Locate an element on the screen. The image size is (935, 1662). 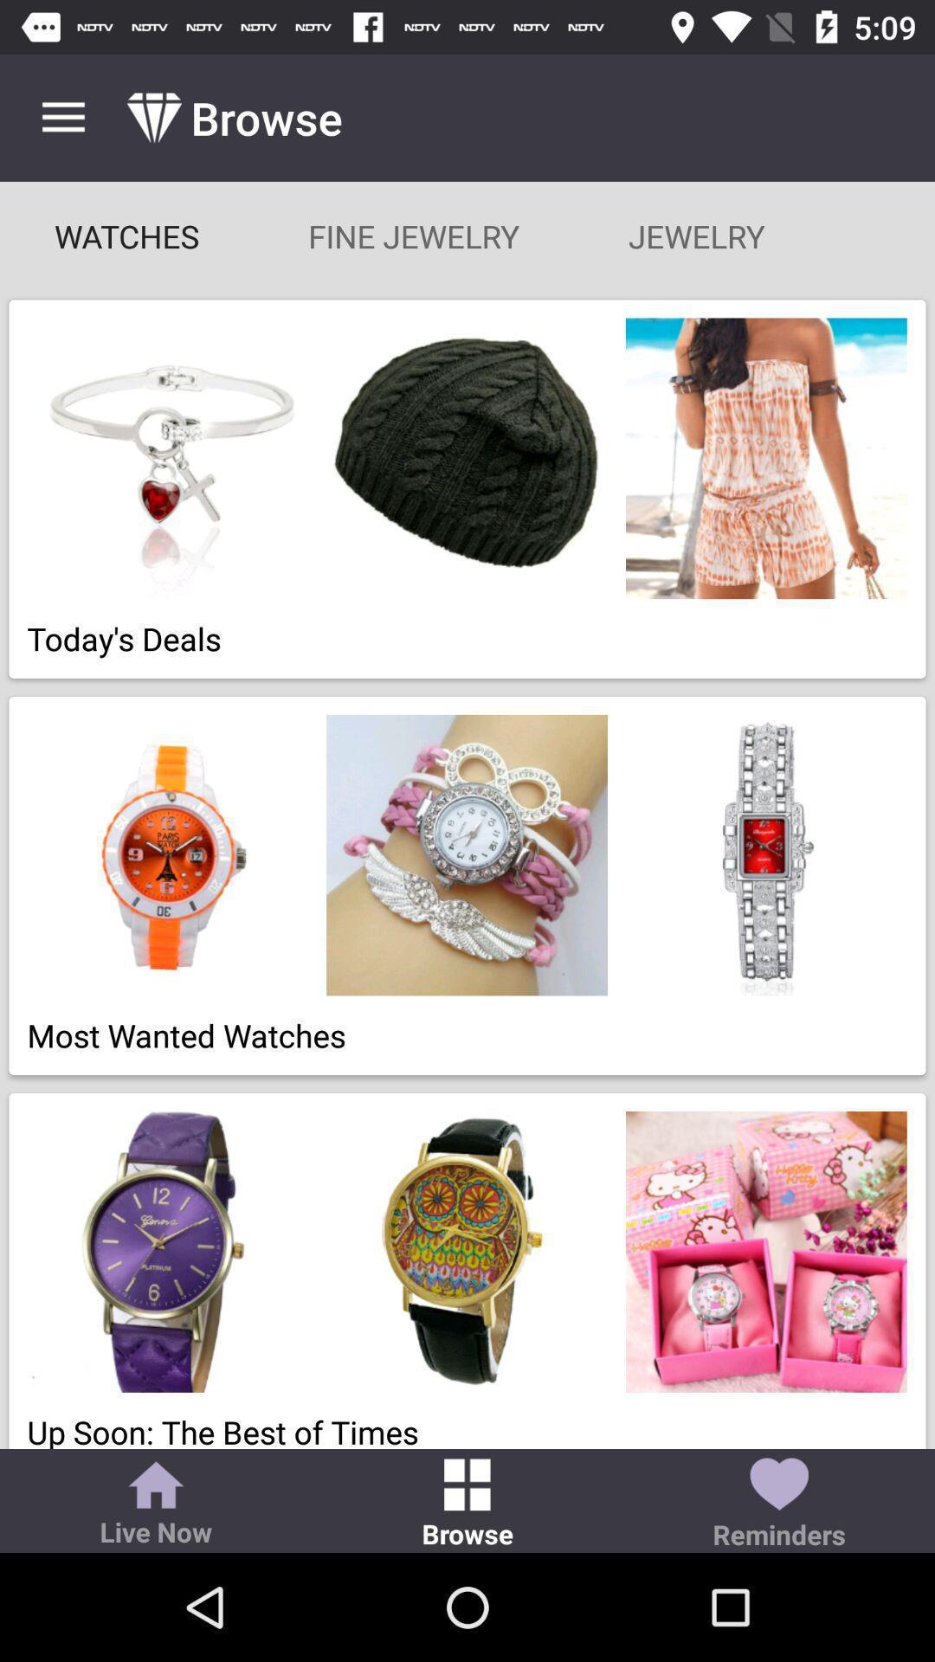
item to the left of the browse is located at coordinates (156, 1504).